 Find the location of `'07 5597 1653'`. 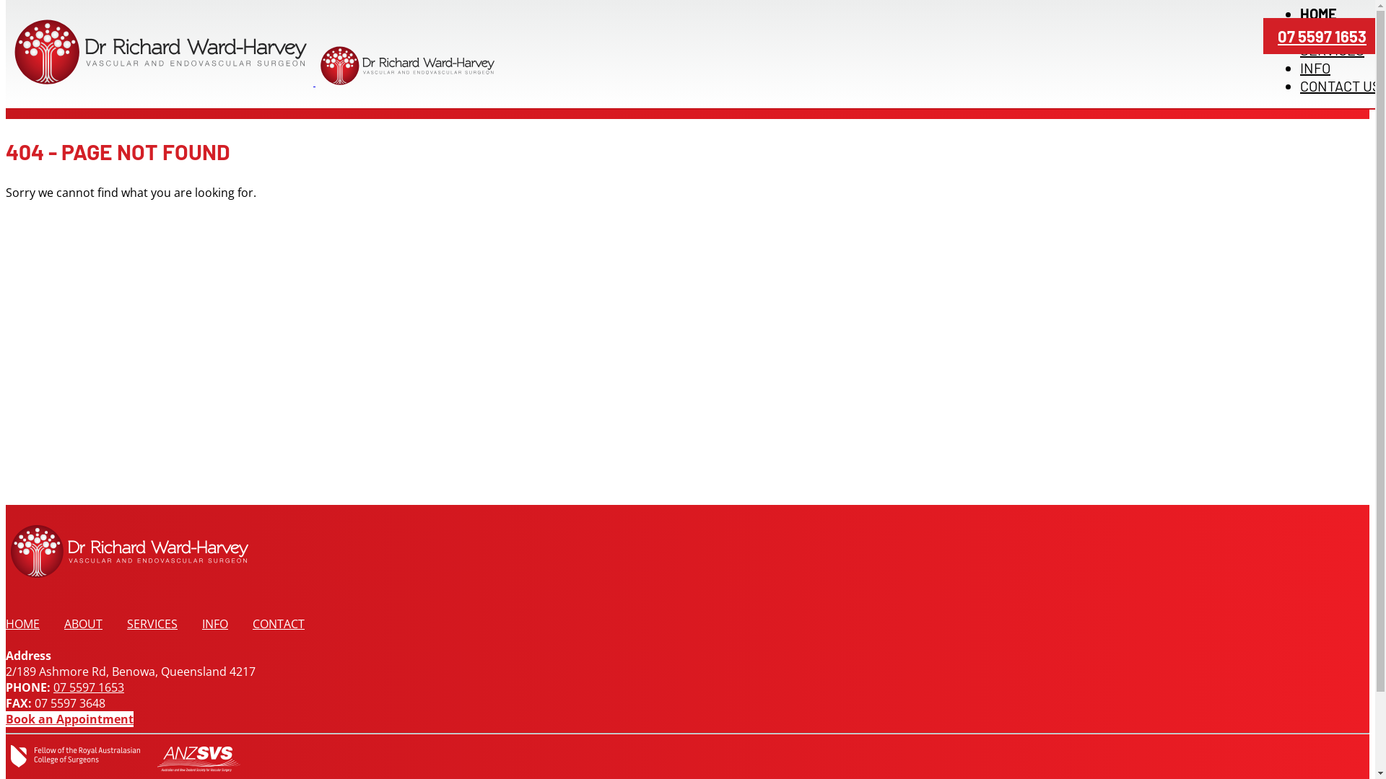

'07 5597 1653' is located at coordinates (1322, 35).